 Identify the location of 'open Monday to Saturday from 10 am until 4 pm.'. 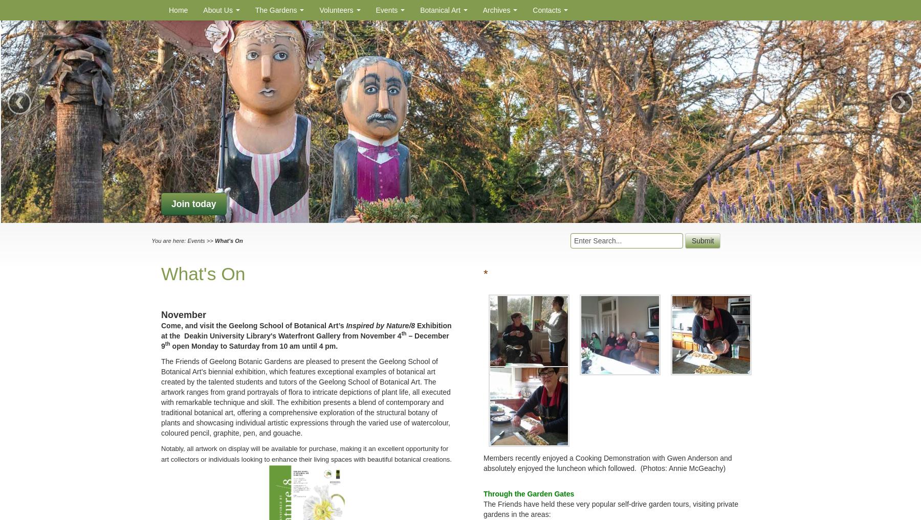
(253, 345).